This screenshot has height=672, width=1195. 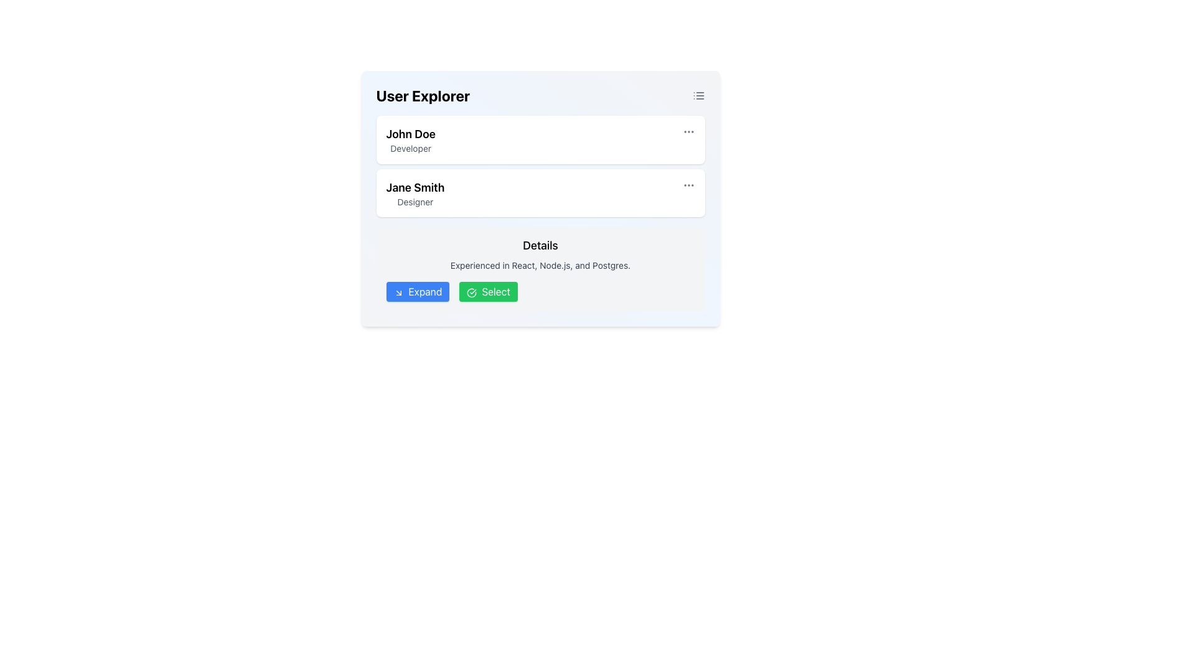 What do you see at coordinates (415, 193) in the screenshot?
I see `displayed information from the text section showing 'Jane Smith' and the job title 'Designer' in the user card below 'John Doe'` at bounding box center [415, 193].